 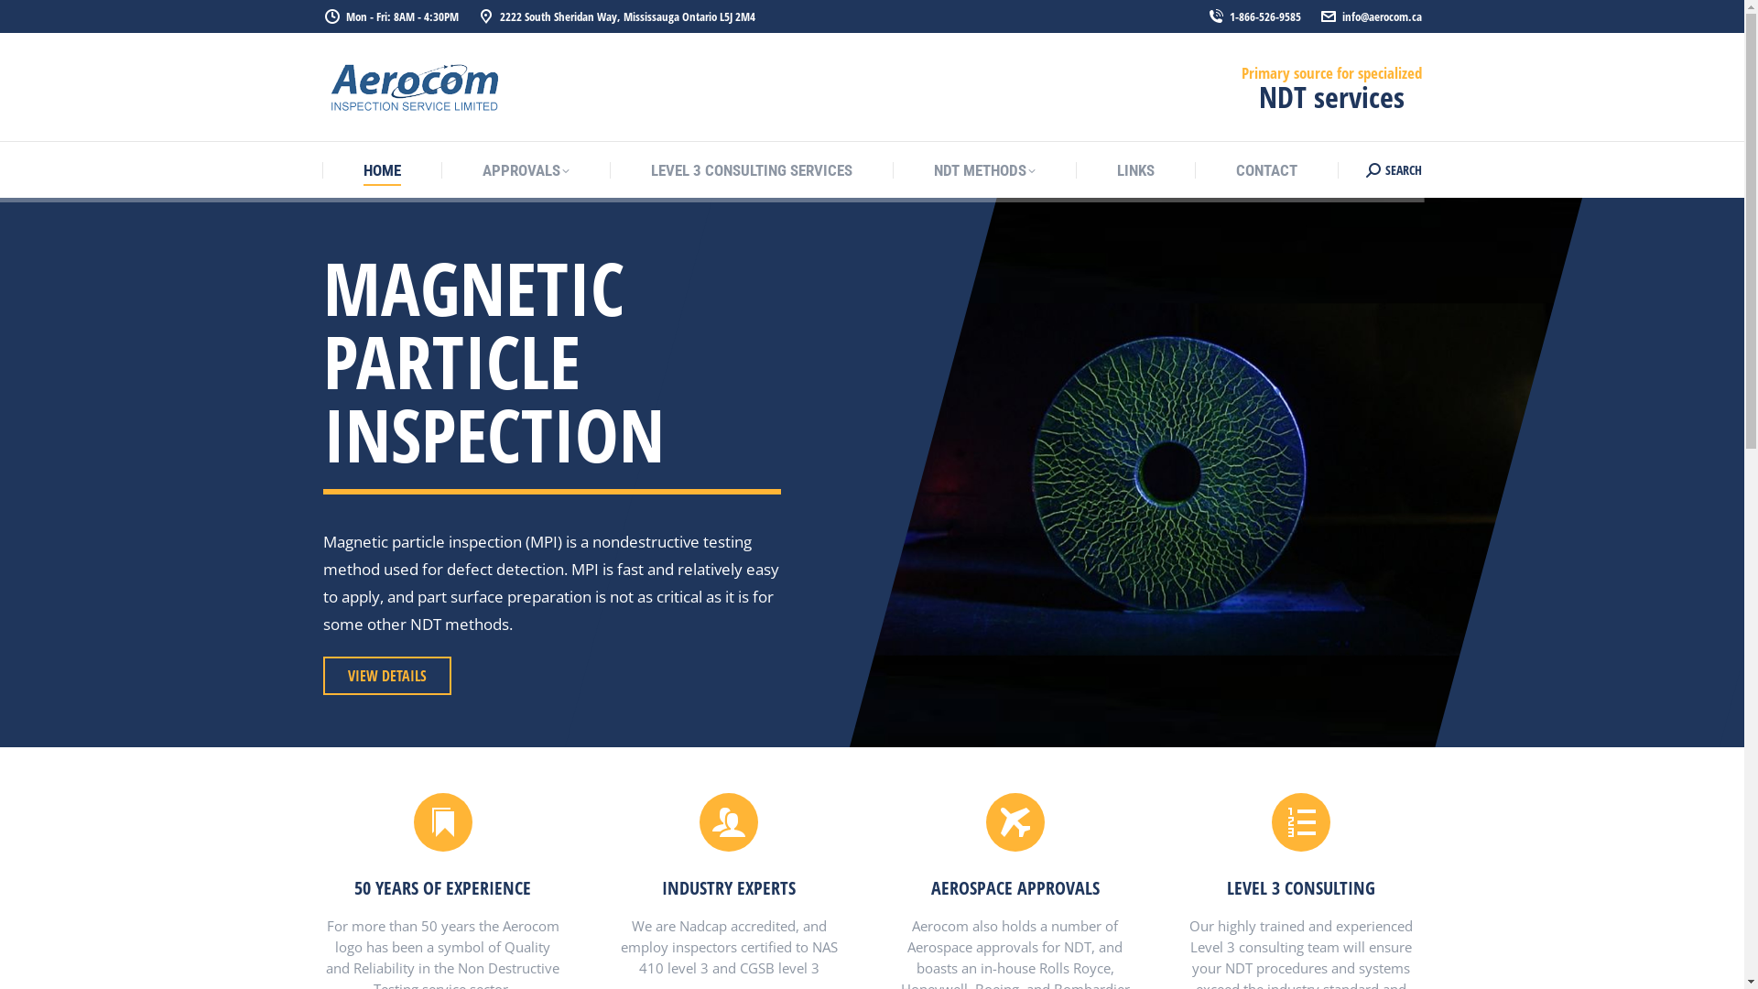 I want to click on 'HOME', so click(x=381, y=170).